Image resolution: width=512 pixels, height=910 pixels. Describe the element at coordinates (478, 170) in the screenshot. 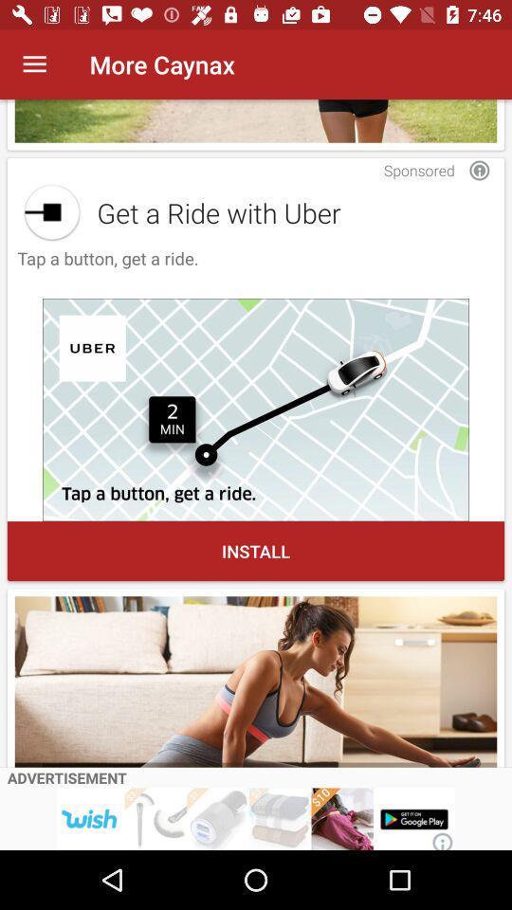

I see `sponsored` at that location.